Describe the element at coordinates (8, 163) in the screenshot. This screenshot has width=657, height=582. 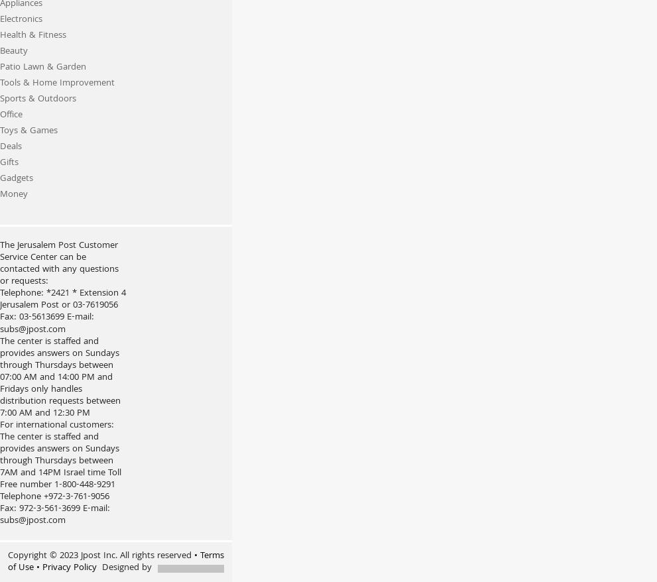
I see `'Gifts'` at that location.